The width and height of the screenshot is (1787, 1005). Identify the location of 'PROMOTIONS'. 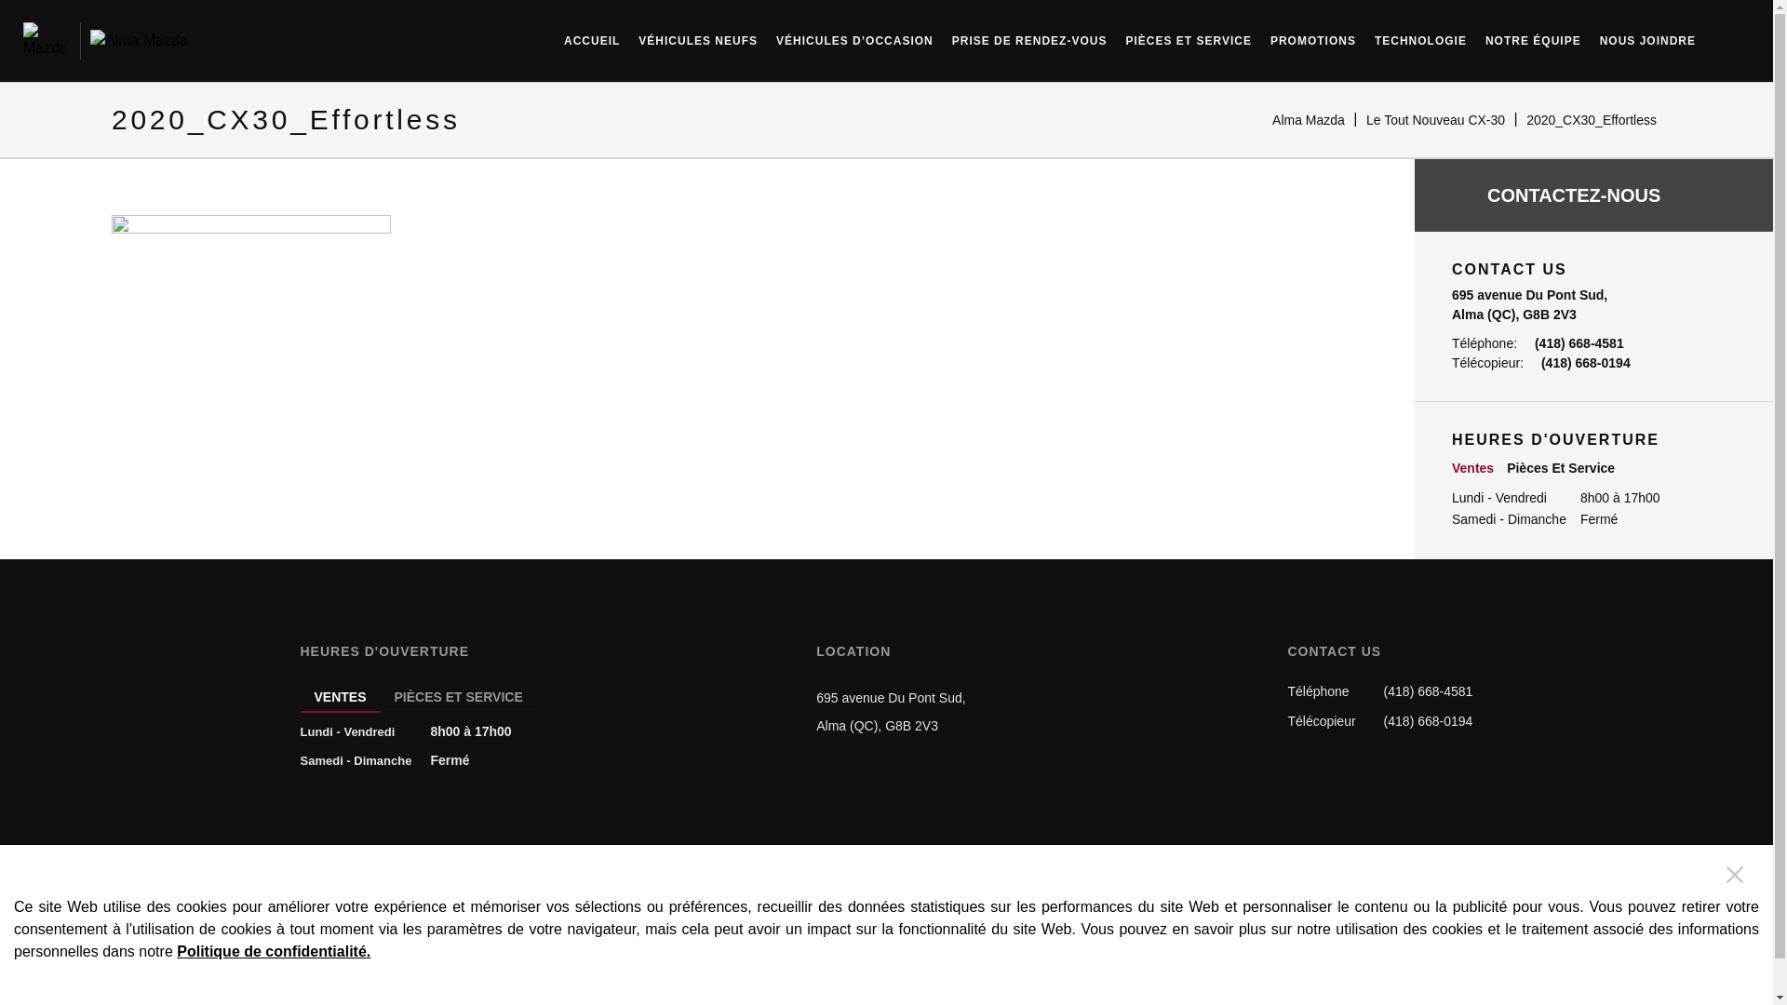
(1312, 37).